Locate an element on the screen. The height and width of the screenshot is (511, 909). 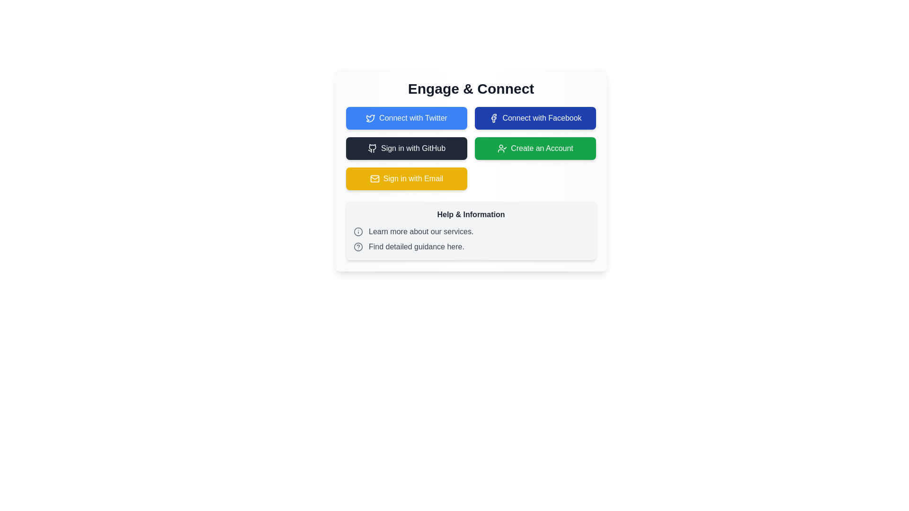
the Facebook icon located to the left of the 'Connect with Facebook' text within the button labeled 'Connect with Facebook' is located at coordinates (493, 118).